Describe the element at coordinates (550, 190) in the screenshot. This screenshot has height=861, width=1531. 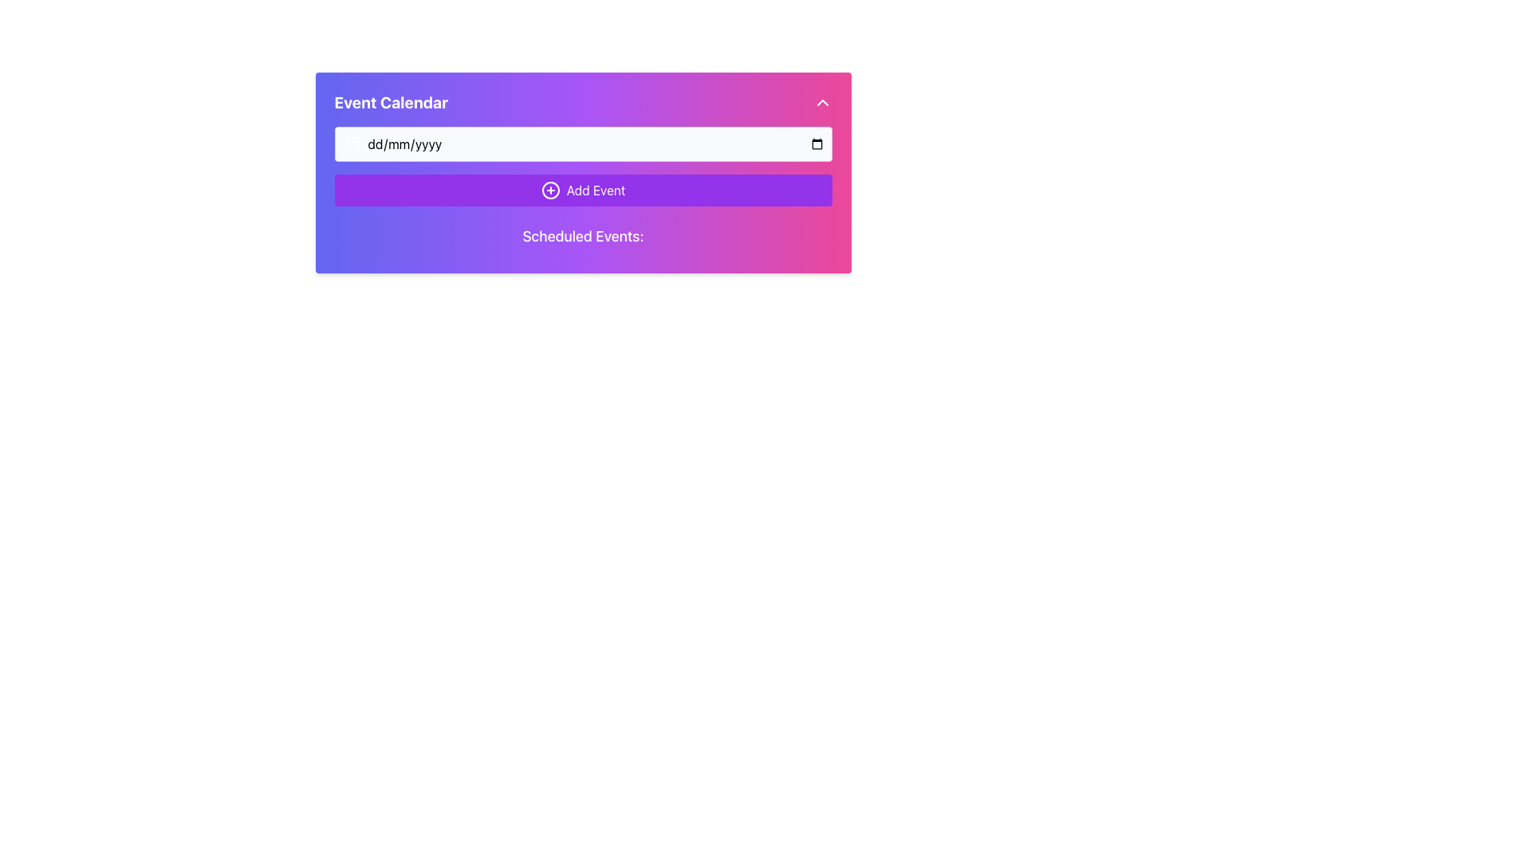
I see `the SVG icon representing the 'Add Event' button, located to the left of the text 'Add Event'` at that location.